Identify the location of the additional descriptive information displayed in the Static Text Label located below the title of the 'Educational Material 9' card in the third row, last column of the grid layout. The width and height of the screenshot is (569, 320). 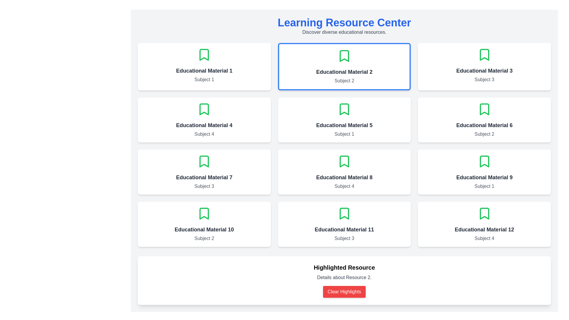
(484, 186).